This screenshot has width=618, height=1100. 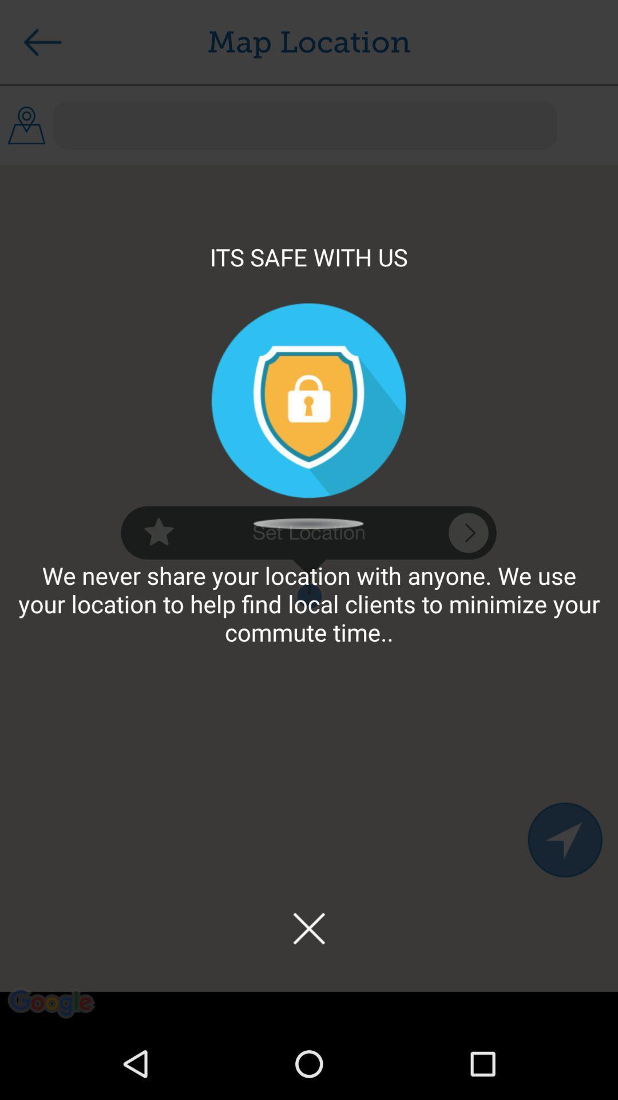 What do you see at coordinates (309, 928) in the screenshot?
I see `this` at bounding box center [309, 928].